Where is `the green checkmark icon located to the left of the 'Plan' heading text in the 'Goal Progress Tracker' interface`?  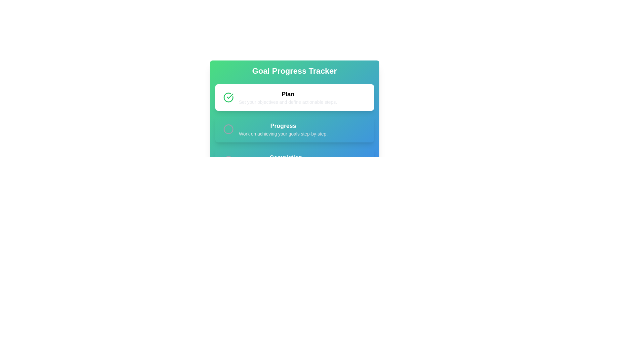 the green checkmark icon located to the left of the 'Plan' heading text in the 'Goal Progress Tracker' interface is located at coordinates (230, 96).